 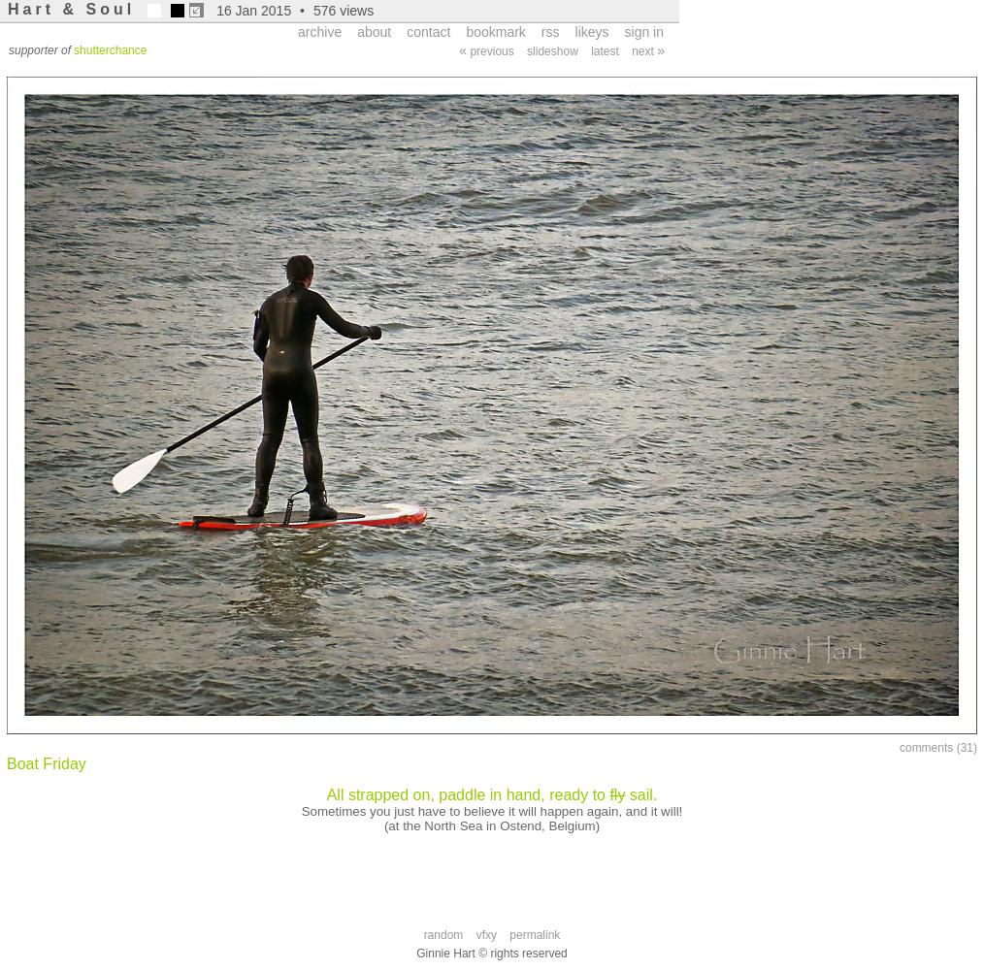 I want to click on 'random', so click(x=443, y=934).